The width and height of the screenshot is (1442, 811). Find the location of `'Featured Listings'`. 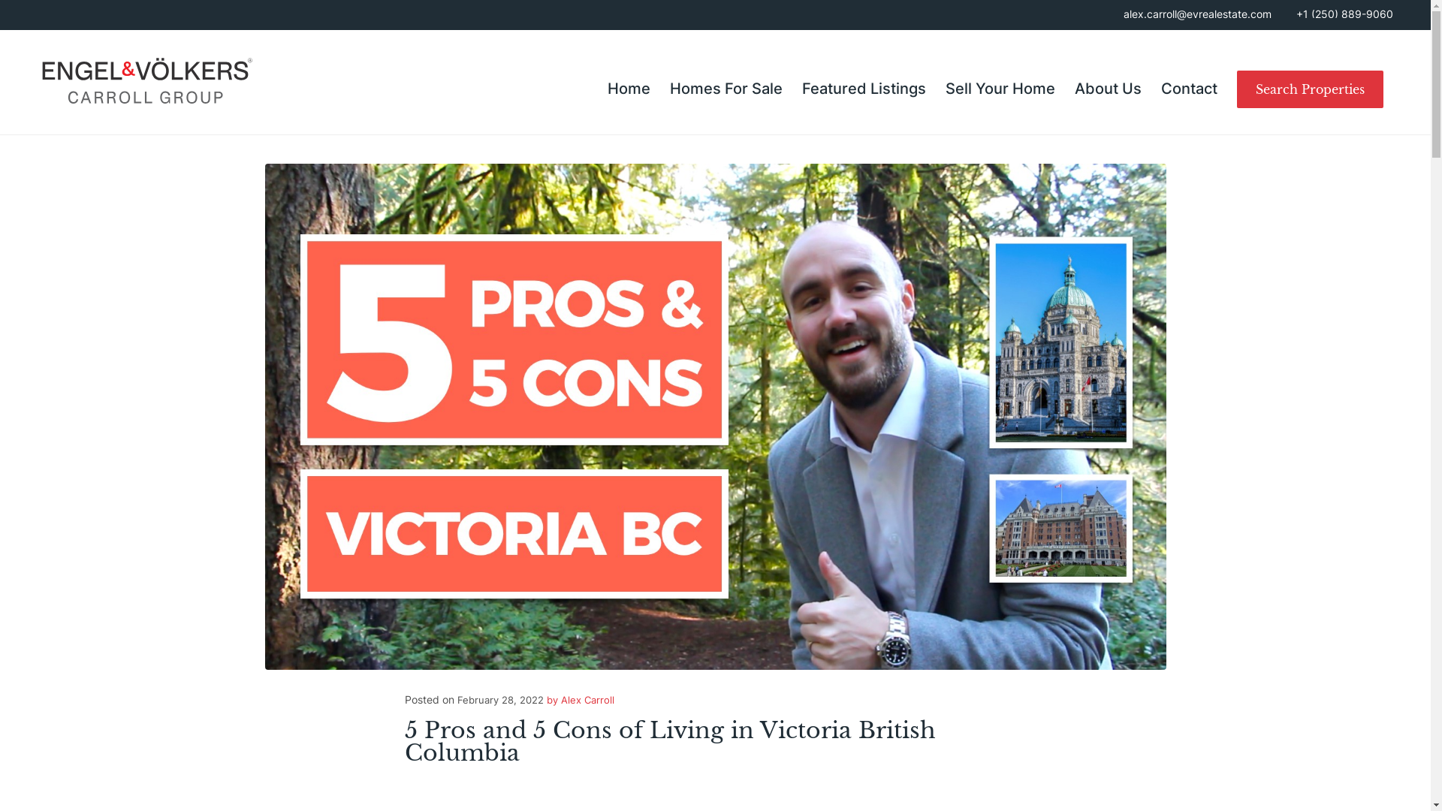

'Featured Listings' is located at coordinates (792, 89).